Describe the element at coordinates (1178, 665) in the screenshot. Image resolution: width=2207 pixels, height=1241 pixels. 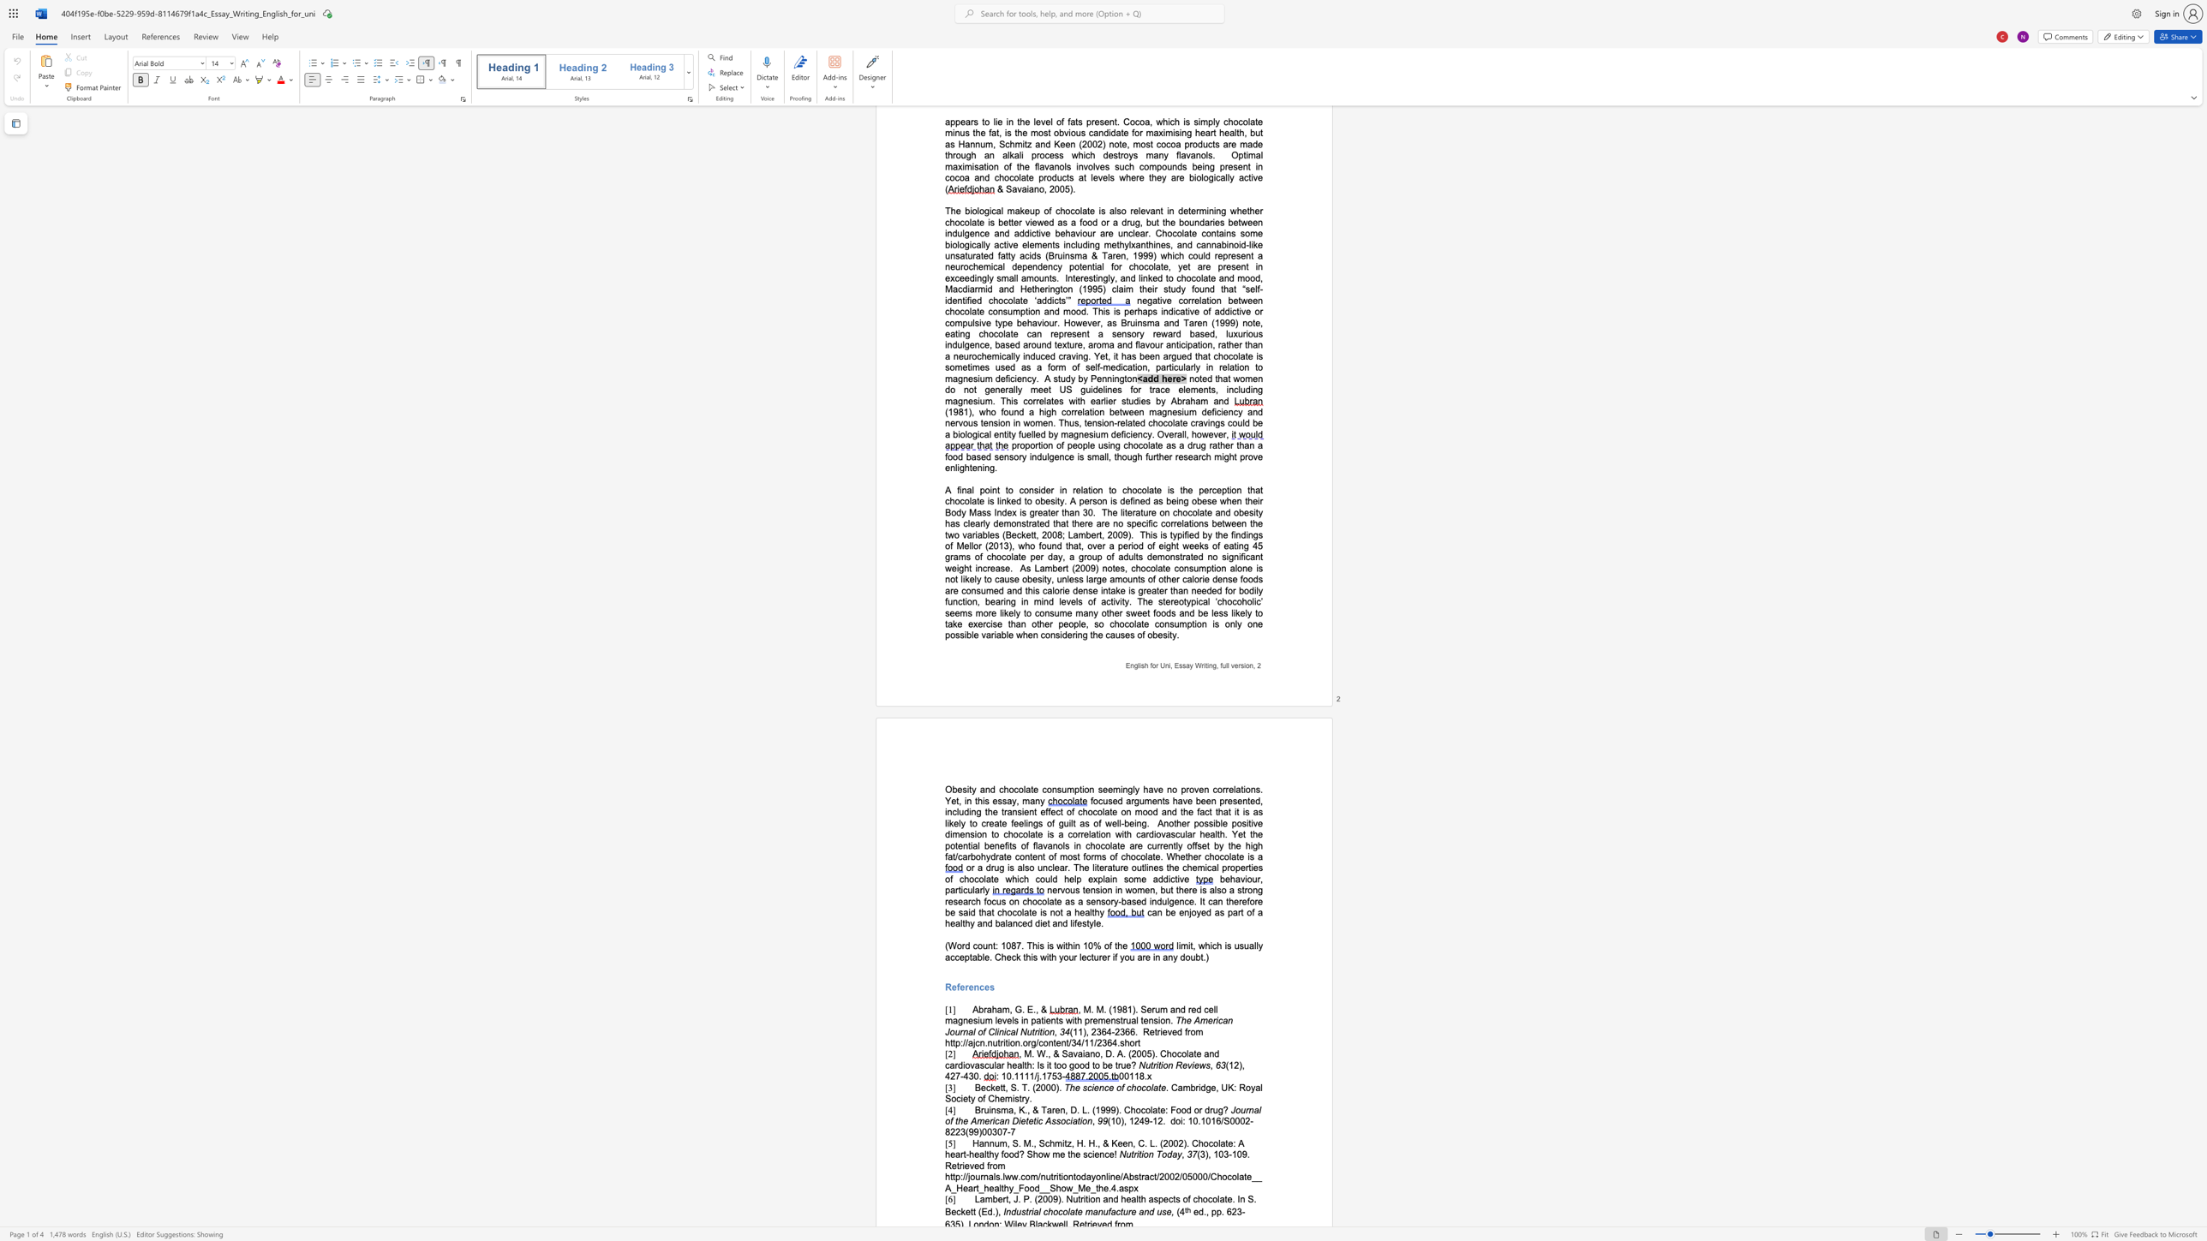
I see `the subset text "ssay Writing, full versi" within the text "English for Uni, Essay Writing, full version,"` at that location.